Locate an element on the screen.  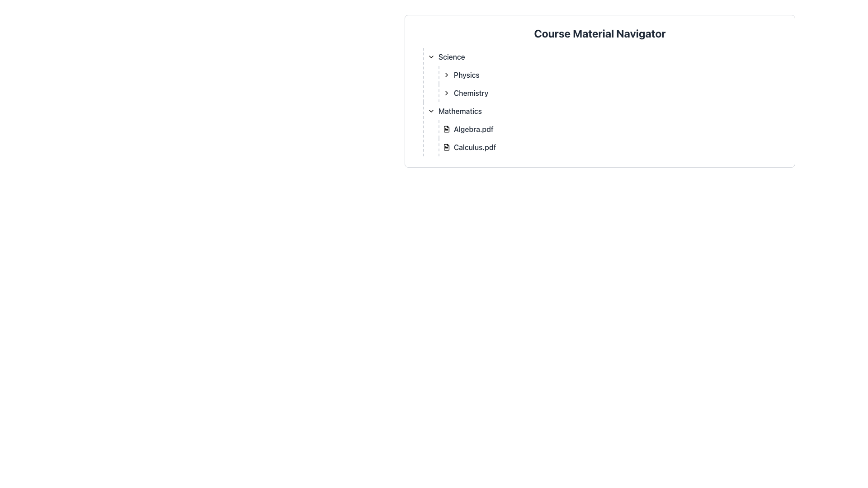
the Chevron icon located to the left of the 'Physics' text is located at coordinates (447, 74).